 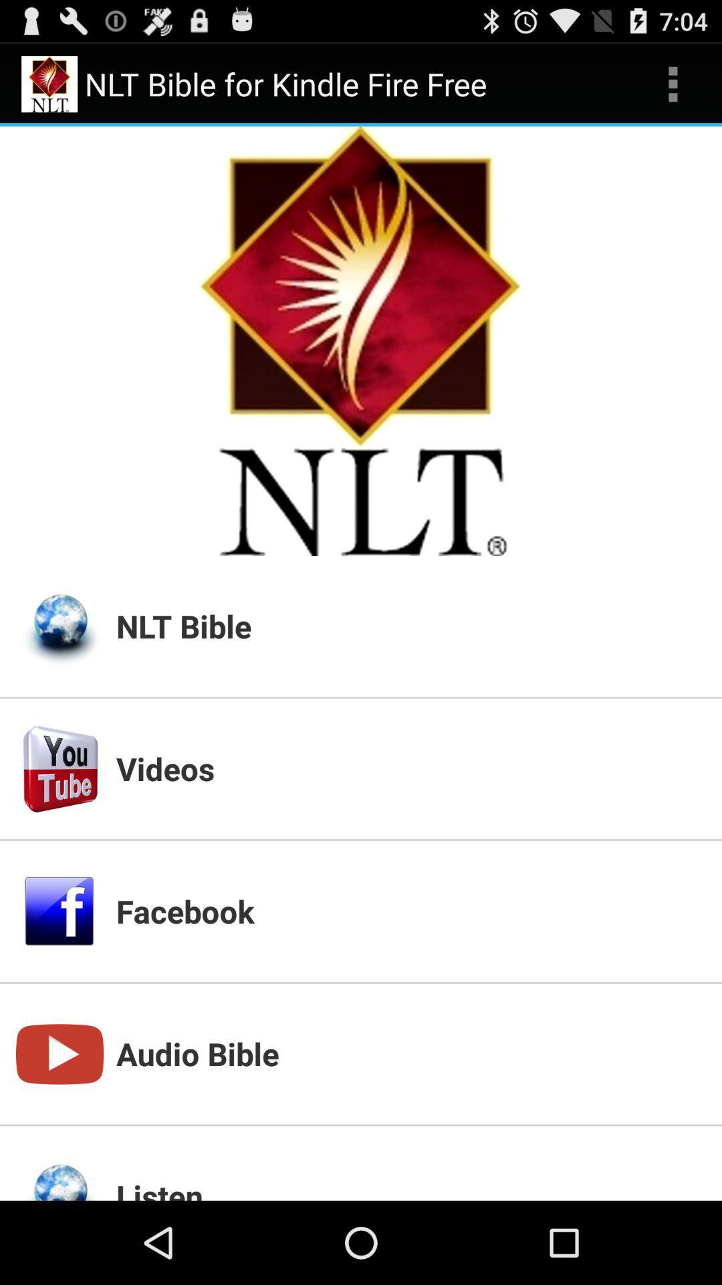 I want to click on audio bible, so click(x=410, y=1053).